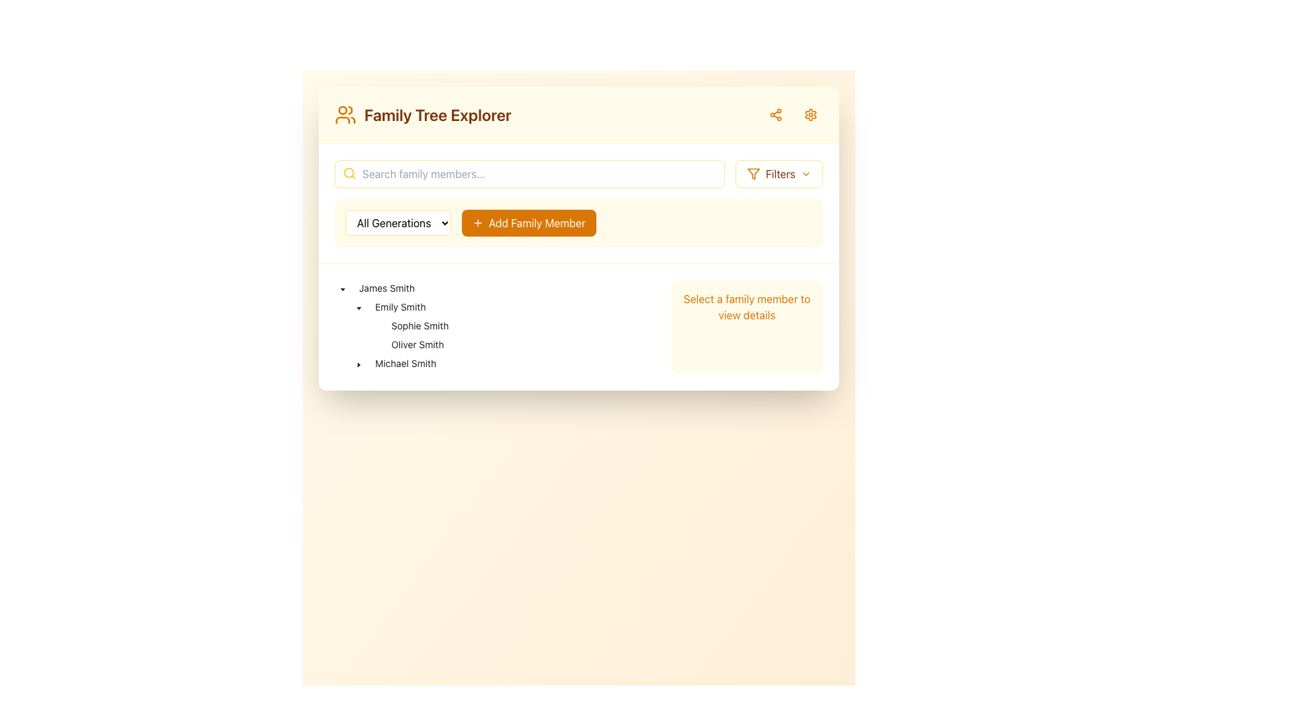 This screenshot has width=1291, height=726. What do you see at coordinates (753, 173) in the screenshot?
I see `the funnel-shaped icon in the 'Filters' button located in the top-right corner of the main section` at bounding box center [753, 173].